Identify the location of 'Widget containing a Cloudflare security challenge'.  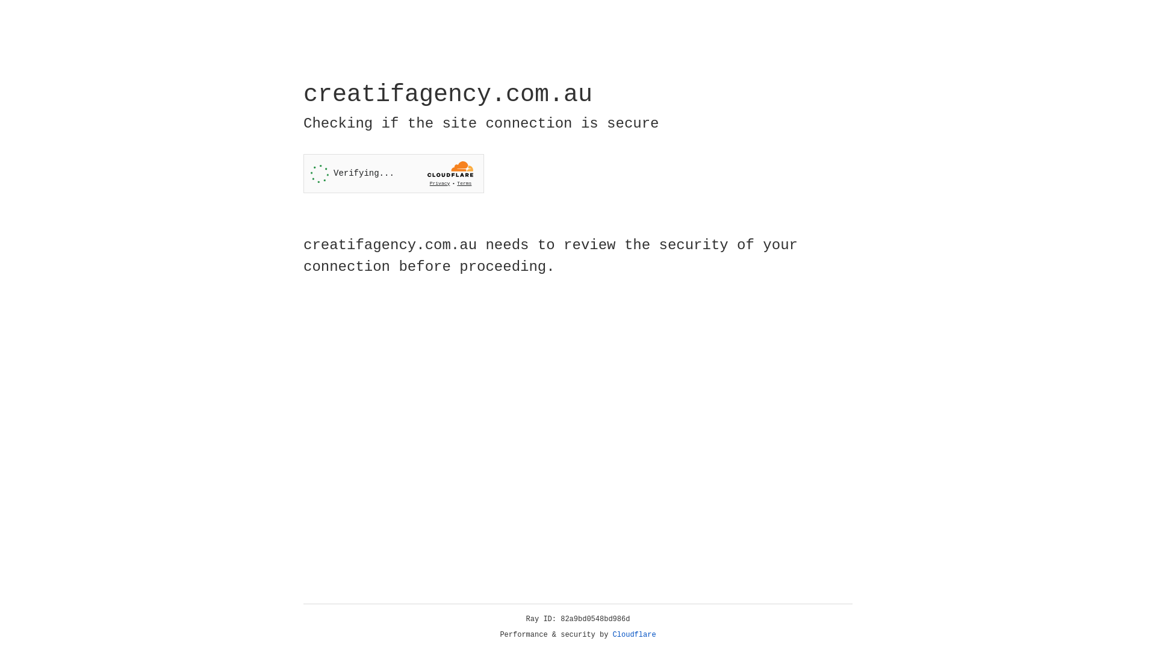
(393, 173).